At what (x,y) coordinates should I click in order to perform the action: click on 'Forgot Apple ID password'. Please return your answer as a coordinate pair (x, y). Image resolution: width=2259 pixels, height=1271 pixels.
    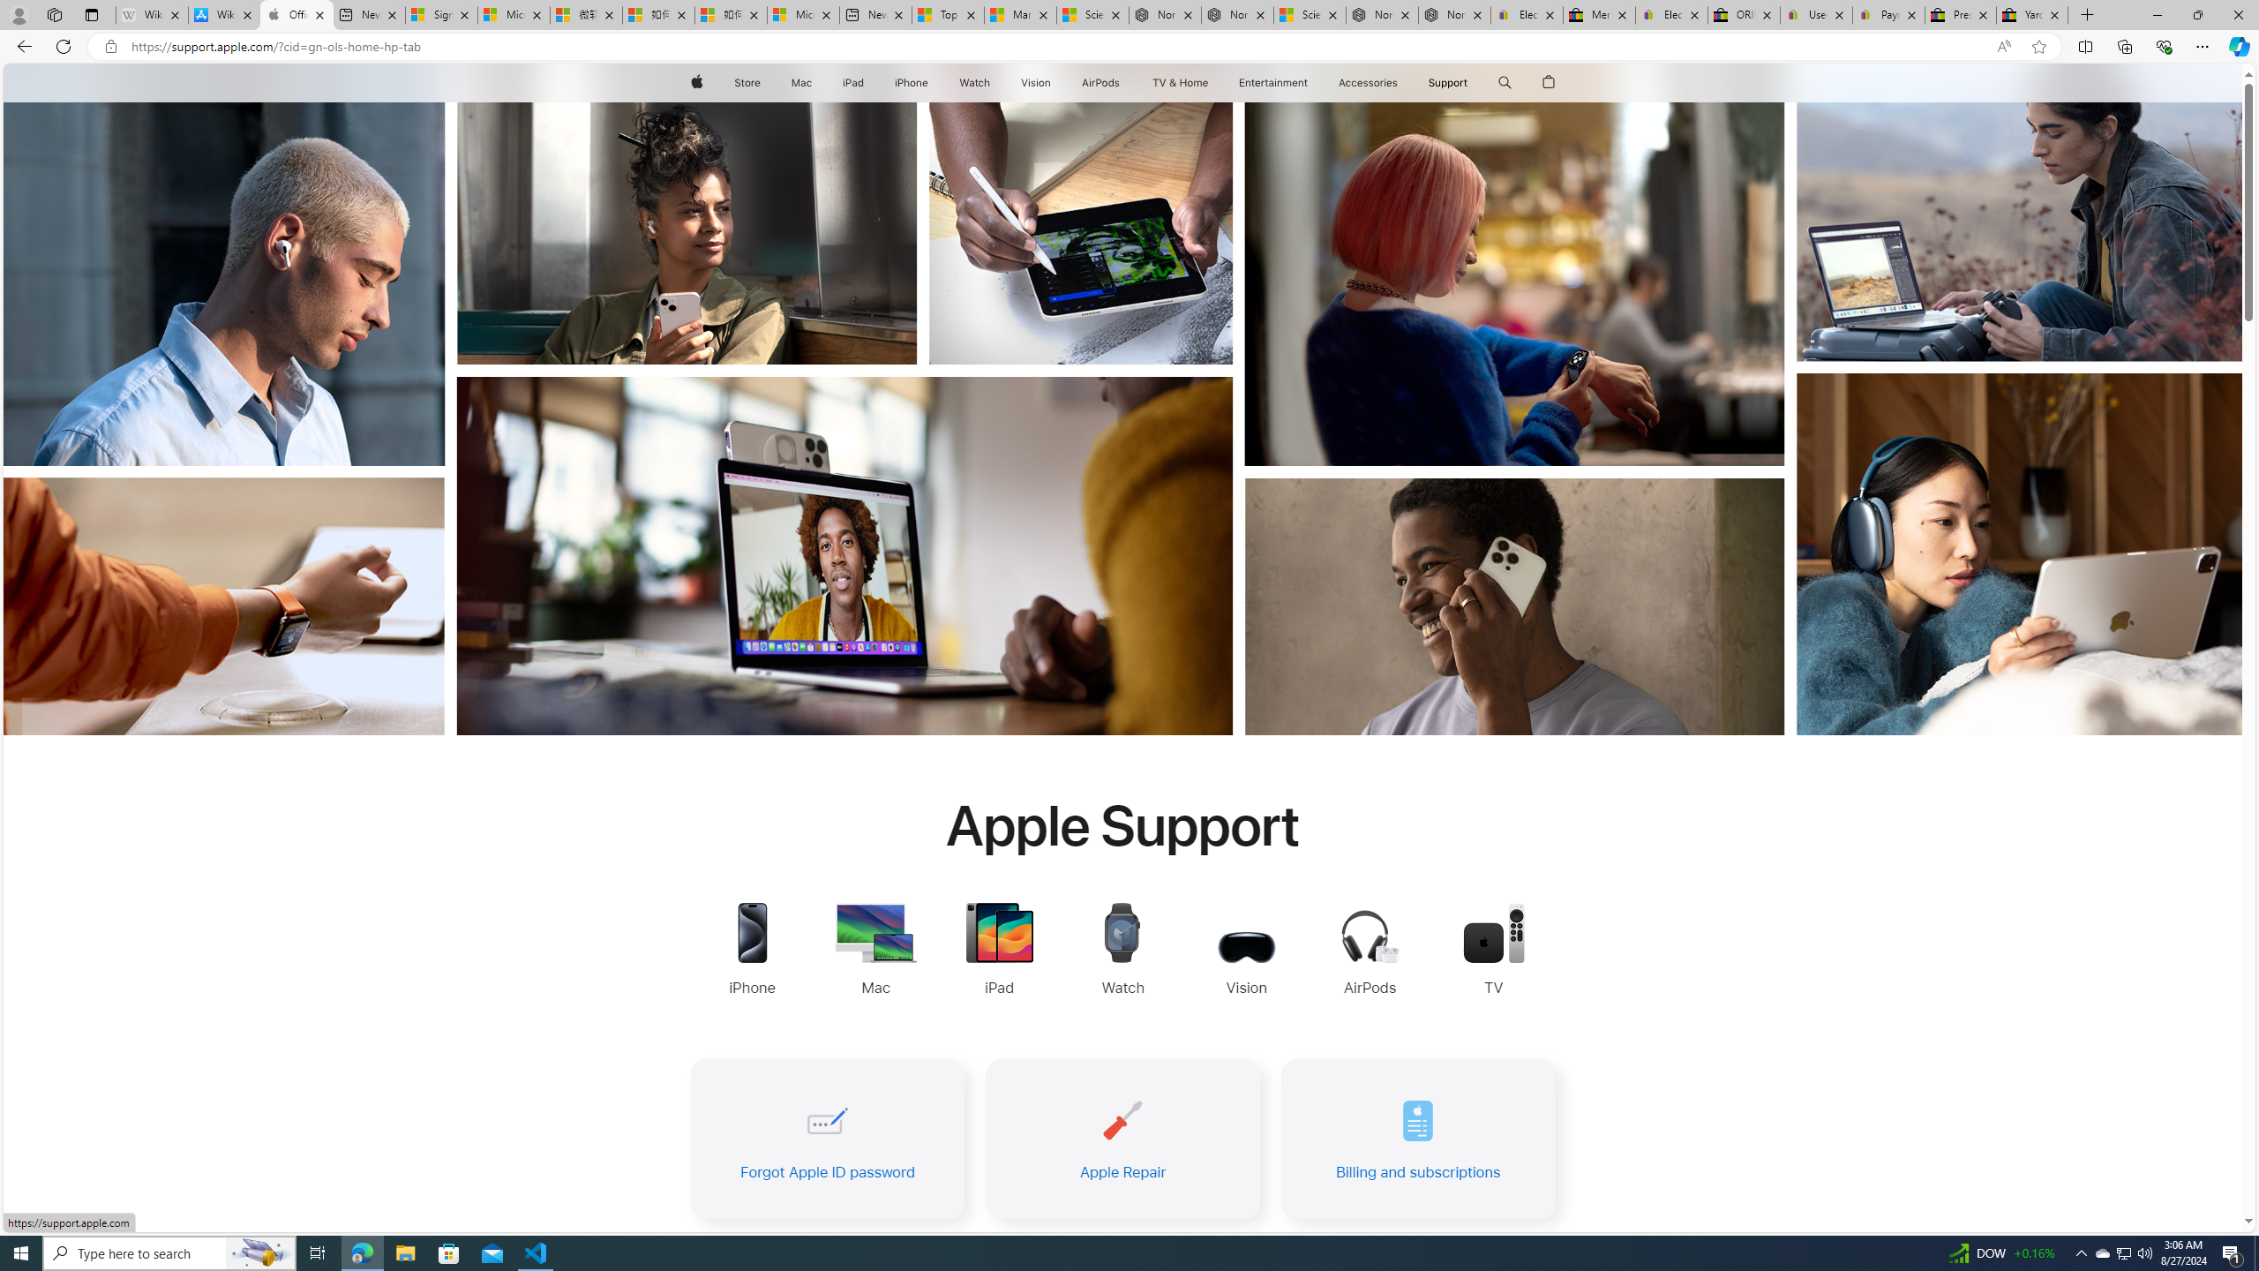
    Looking at the image, I should click on (825, 1139).